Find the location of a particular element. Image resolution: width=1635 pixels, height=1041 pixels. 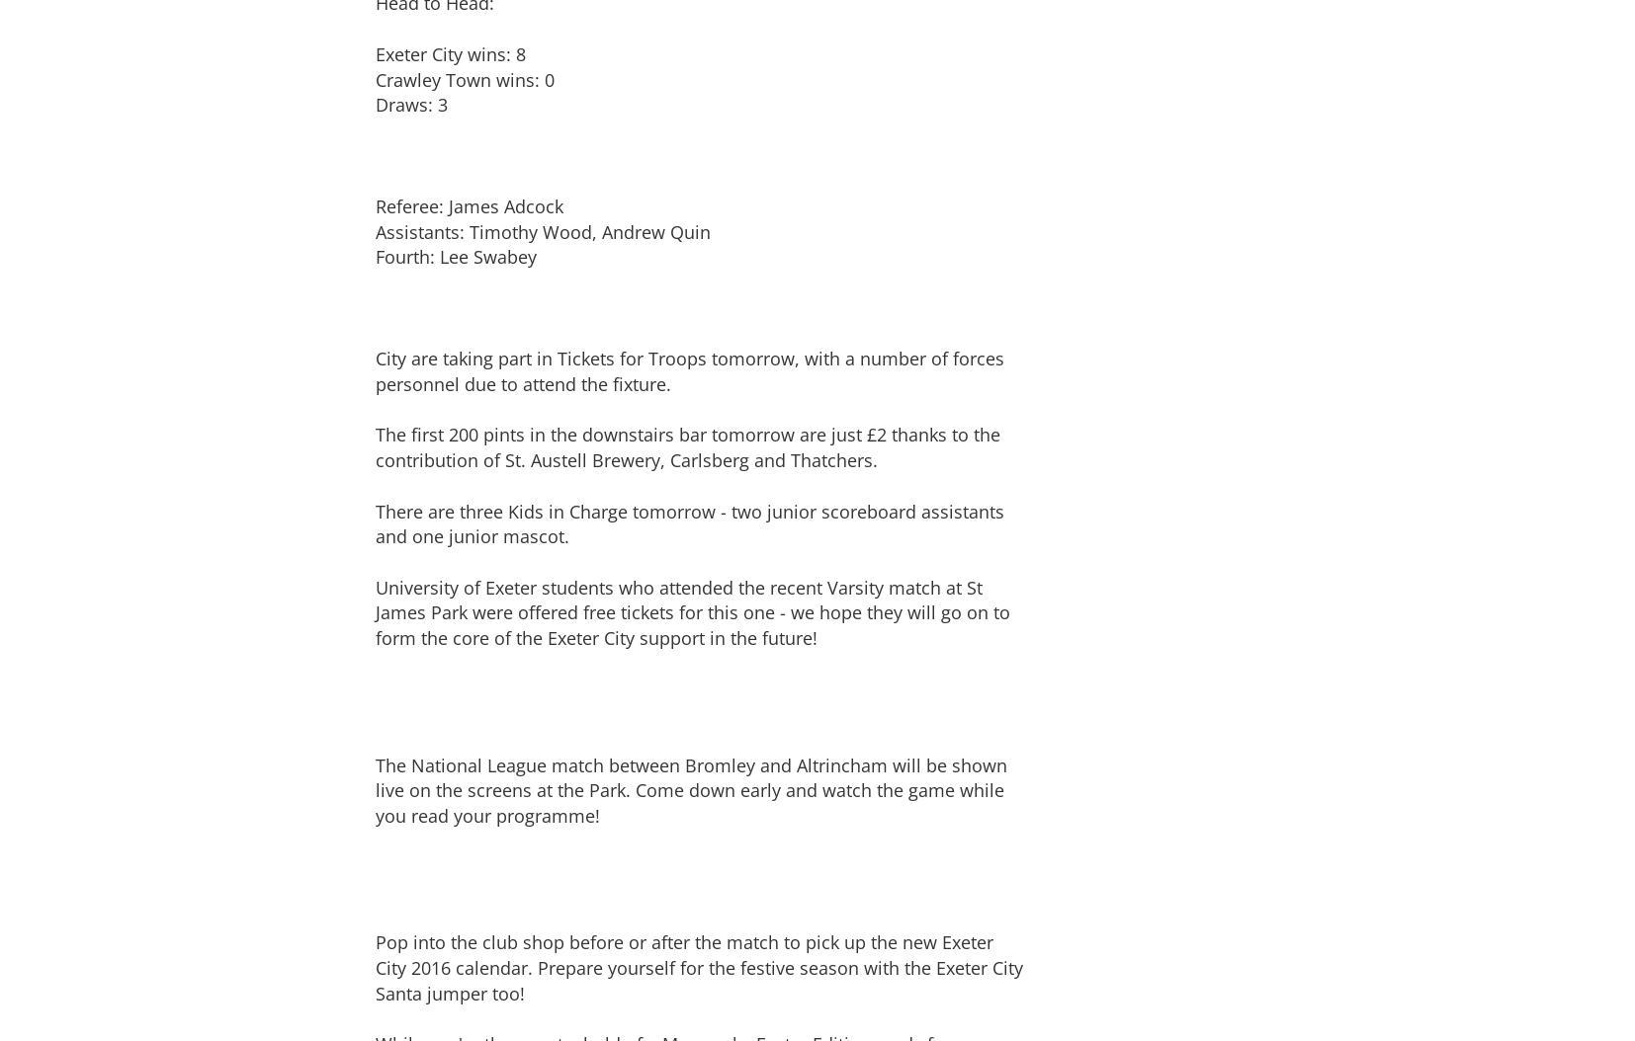

'The first 200 pints in the downstairs bar tomorrow are just £2 thanks to the contribution of St. Austell Brewery, Carlsberg and Thatchers.' is located at coordinates (374, 447).